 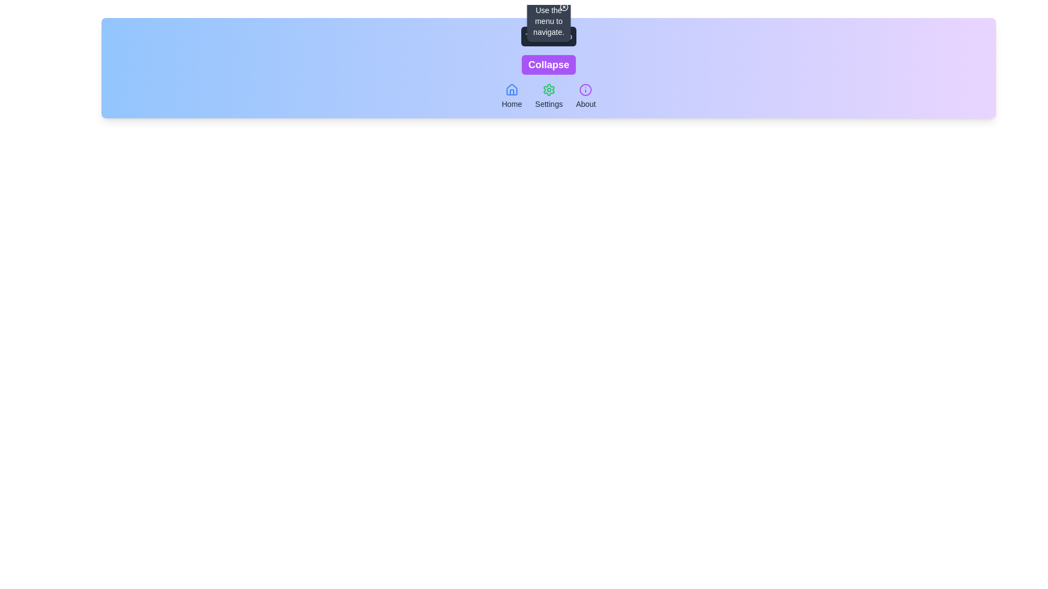 I want to click on the Tooltip box providing guiding text above the 'Collapse' button, so click(x=549, y=21).